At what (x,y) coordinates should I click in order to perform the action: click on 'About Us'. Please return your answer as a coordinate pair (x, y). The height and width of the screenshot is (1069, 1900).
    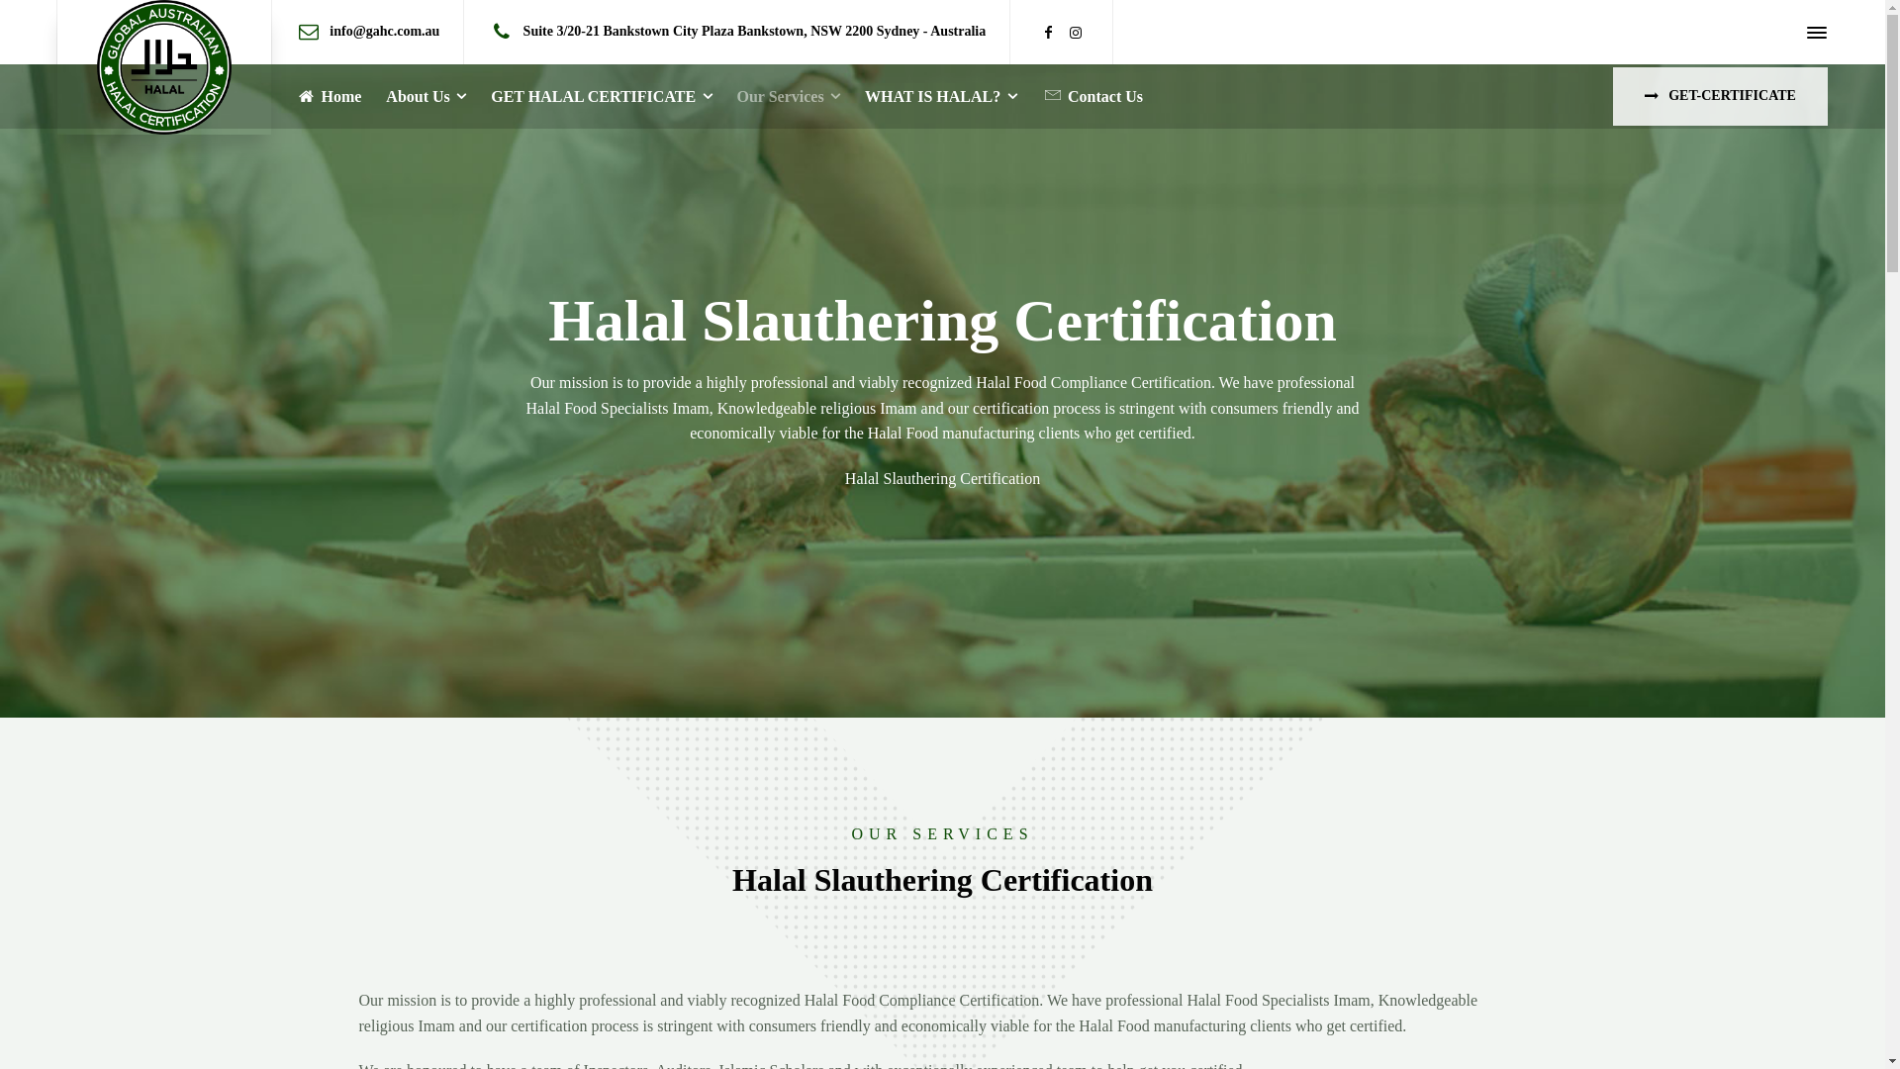
    Looking at the image, I should click on (374, 96).